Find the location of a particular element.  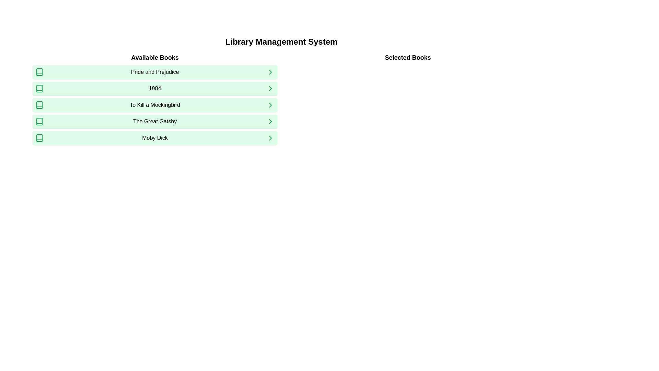

the green book icon for 'To Kill a Mockingbird' is located at coordinates (39, 105).